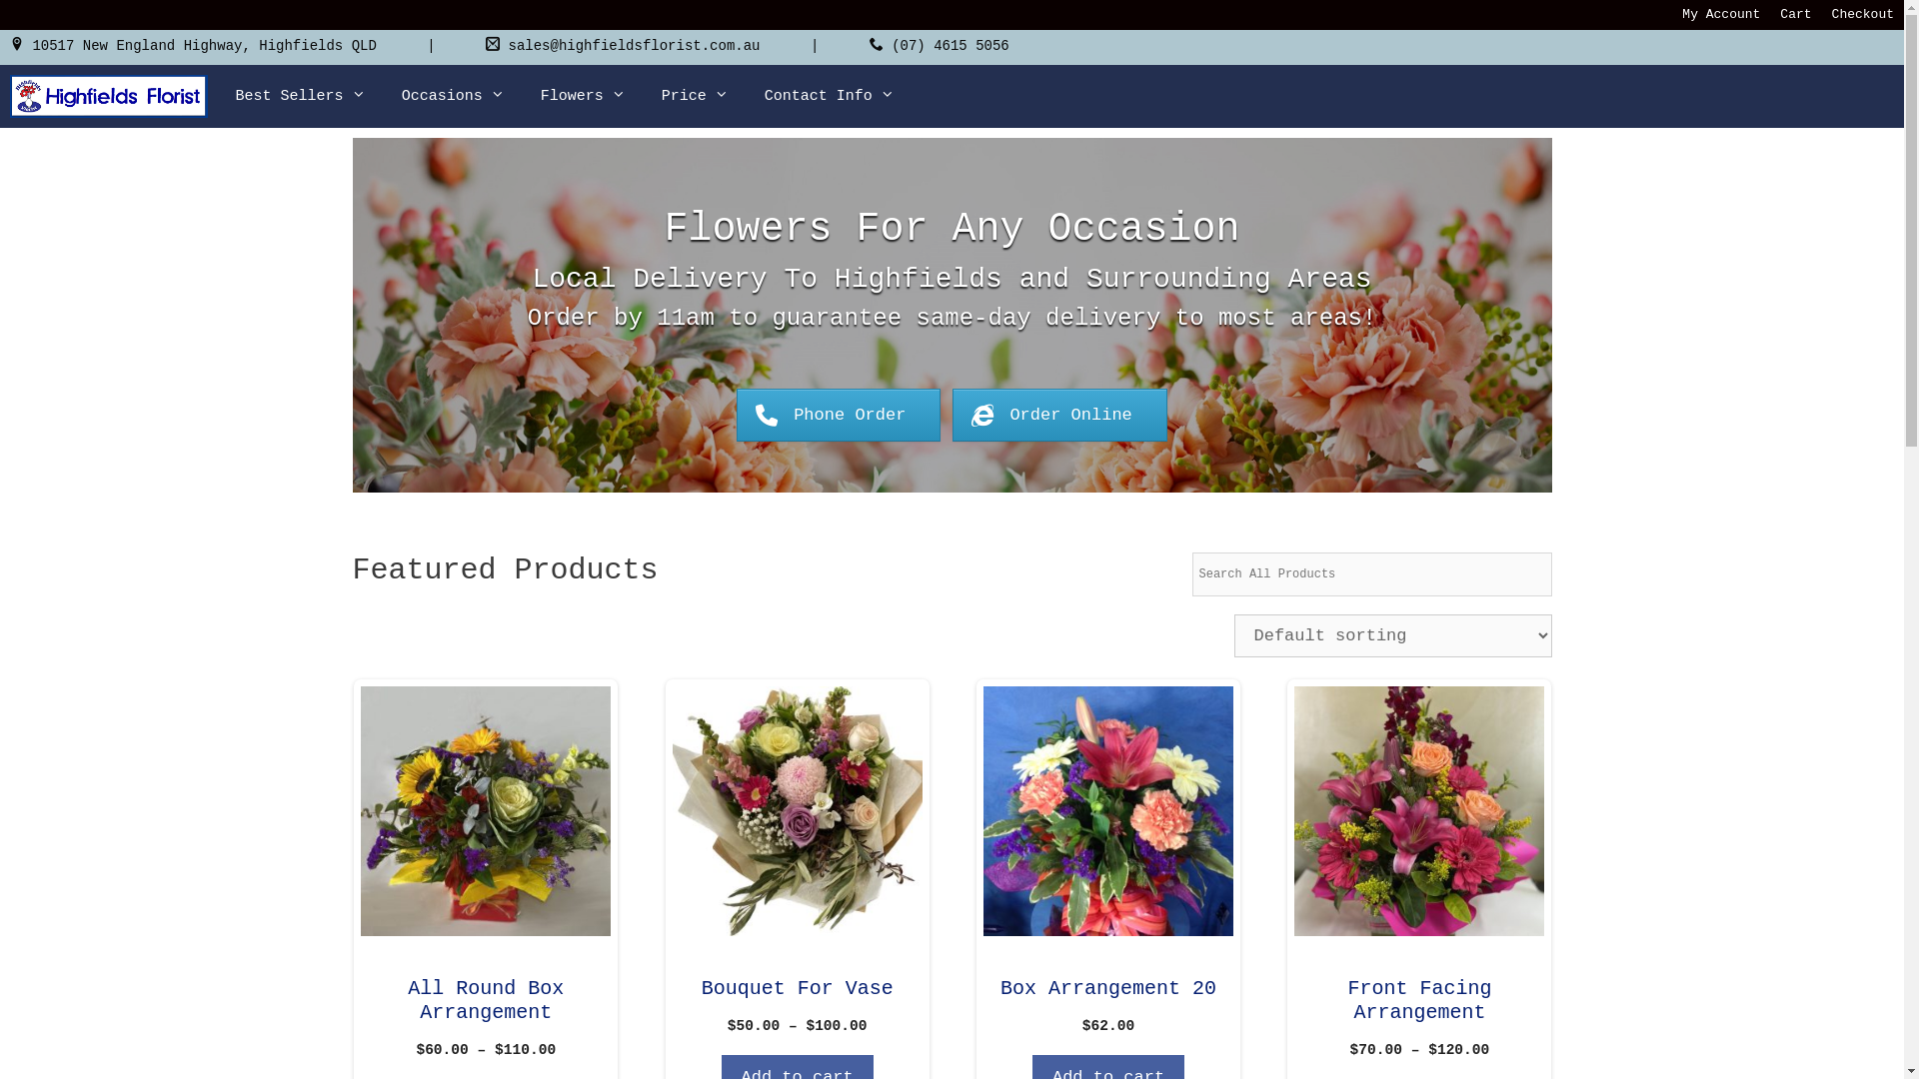 Image resolution: width=1919 pixels, height=1079 pixels. I want to click on 'Phone Order', so click(839, 414).